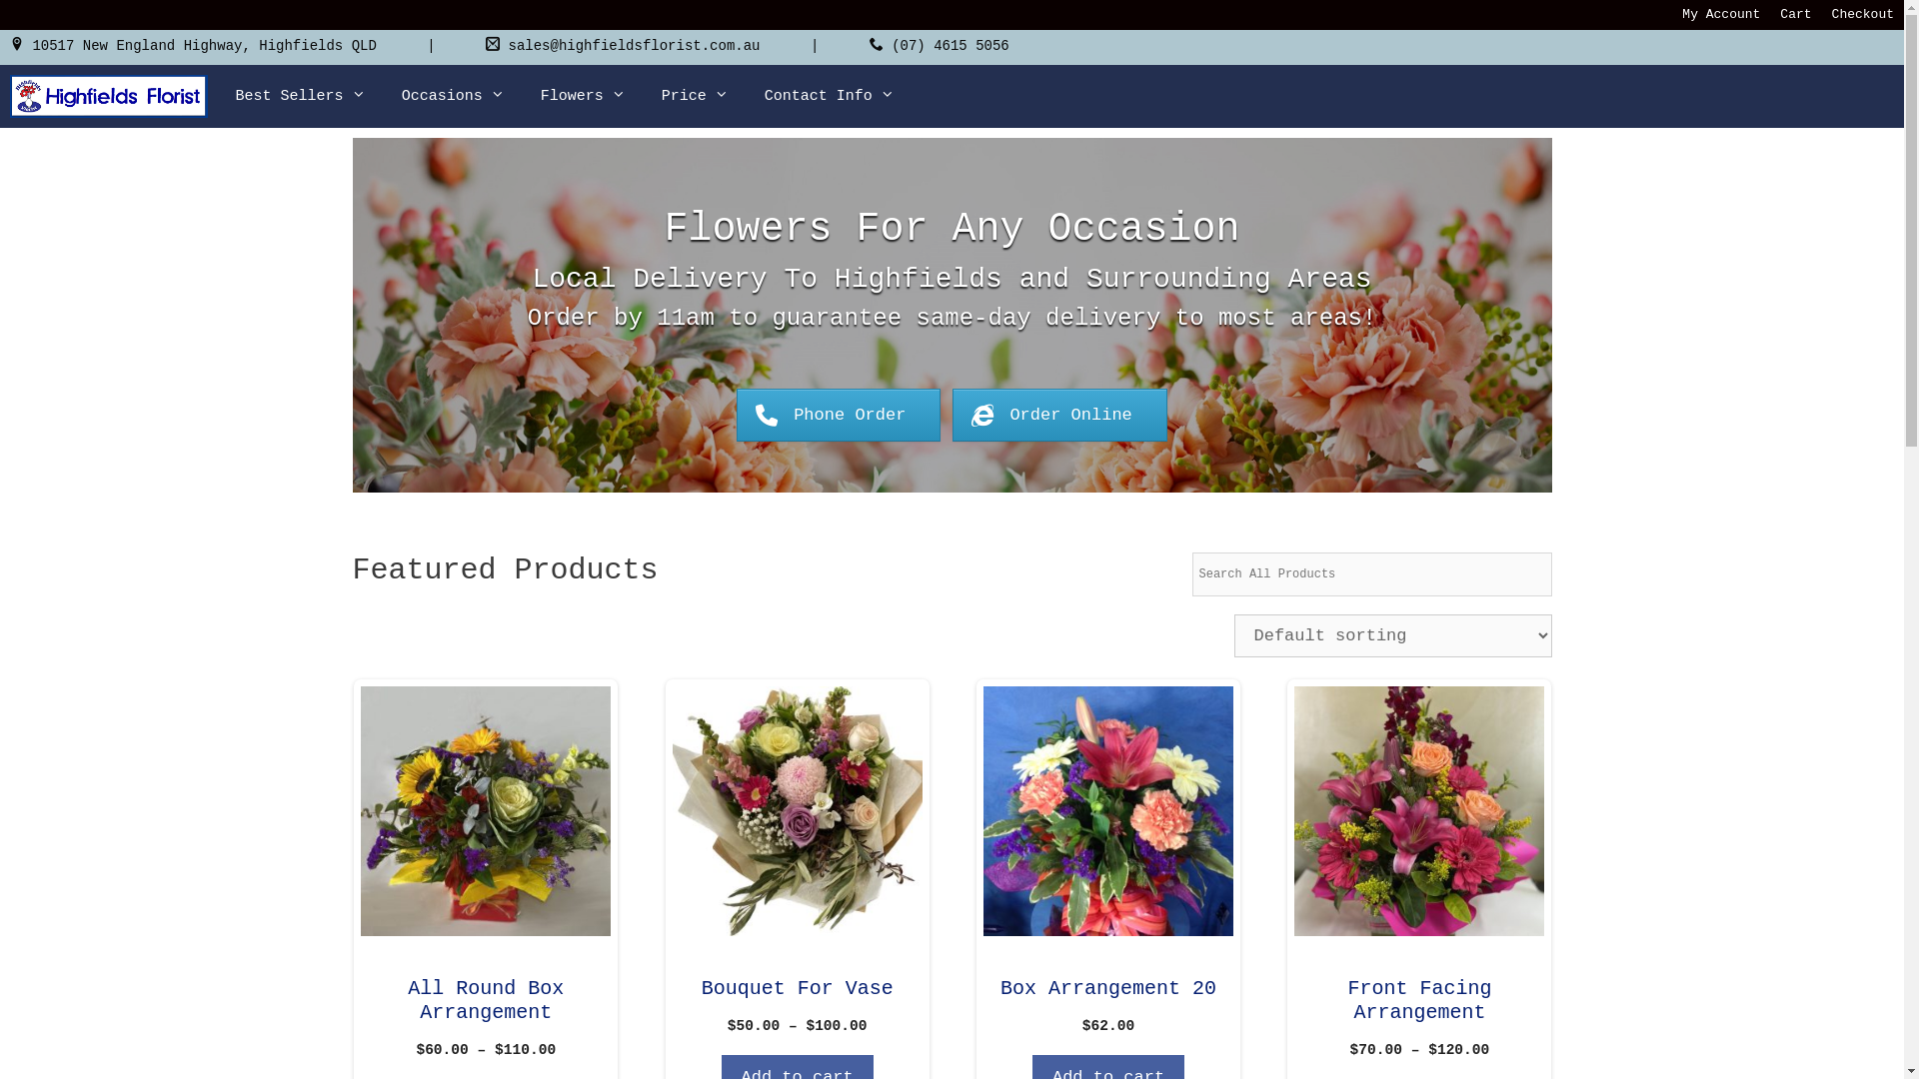 Image resolution: width=1919 pixels, height=1079 pixels. I want to click on 'Phone Order', so click(839, 414).